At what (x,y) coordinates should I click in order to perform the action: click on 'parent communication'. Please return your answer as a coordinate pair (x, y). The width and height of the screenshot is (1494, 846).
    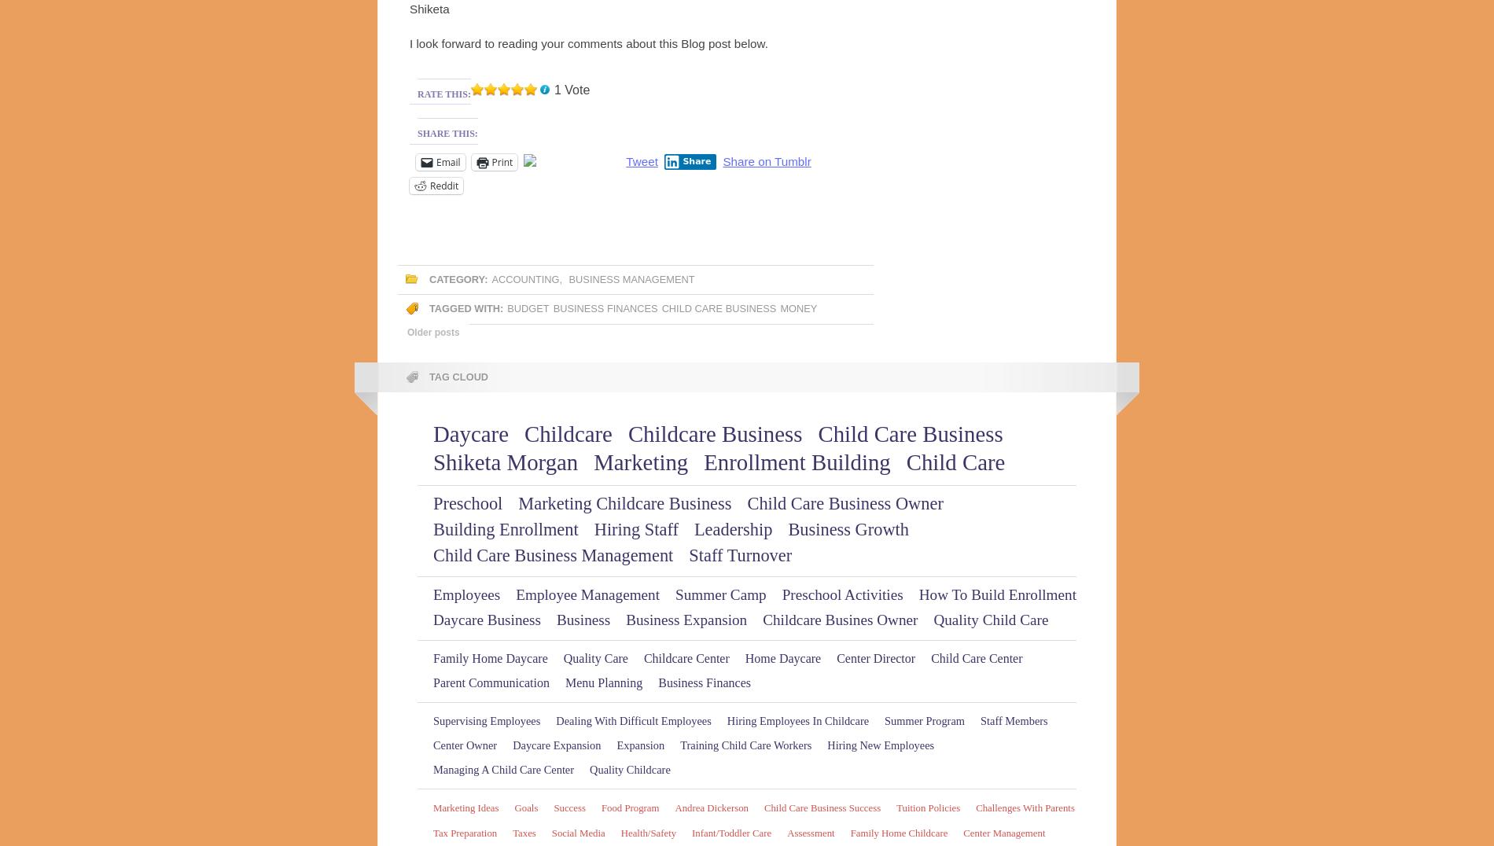
    Looking at the image, I should click on (491, 682).